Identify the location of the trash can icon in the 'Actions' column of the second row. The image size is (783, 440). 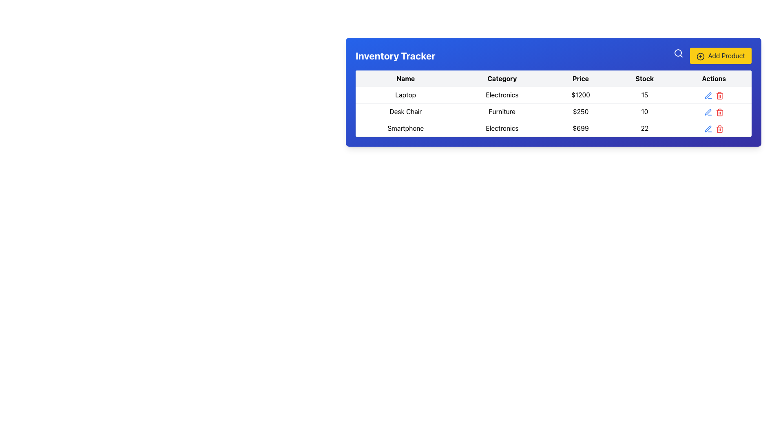
(713, 111).